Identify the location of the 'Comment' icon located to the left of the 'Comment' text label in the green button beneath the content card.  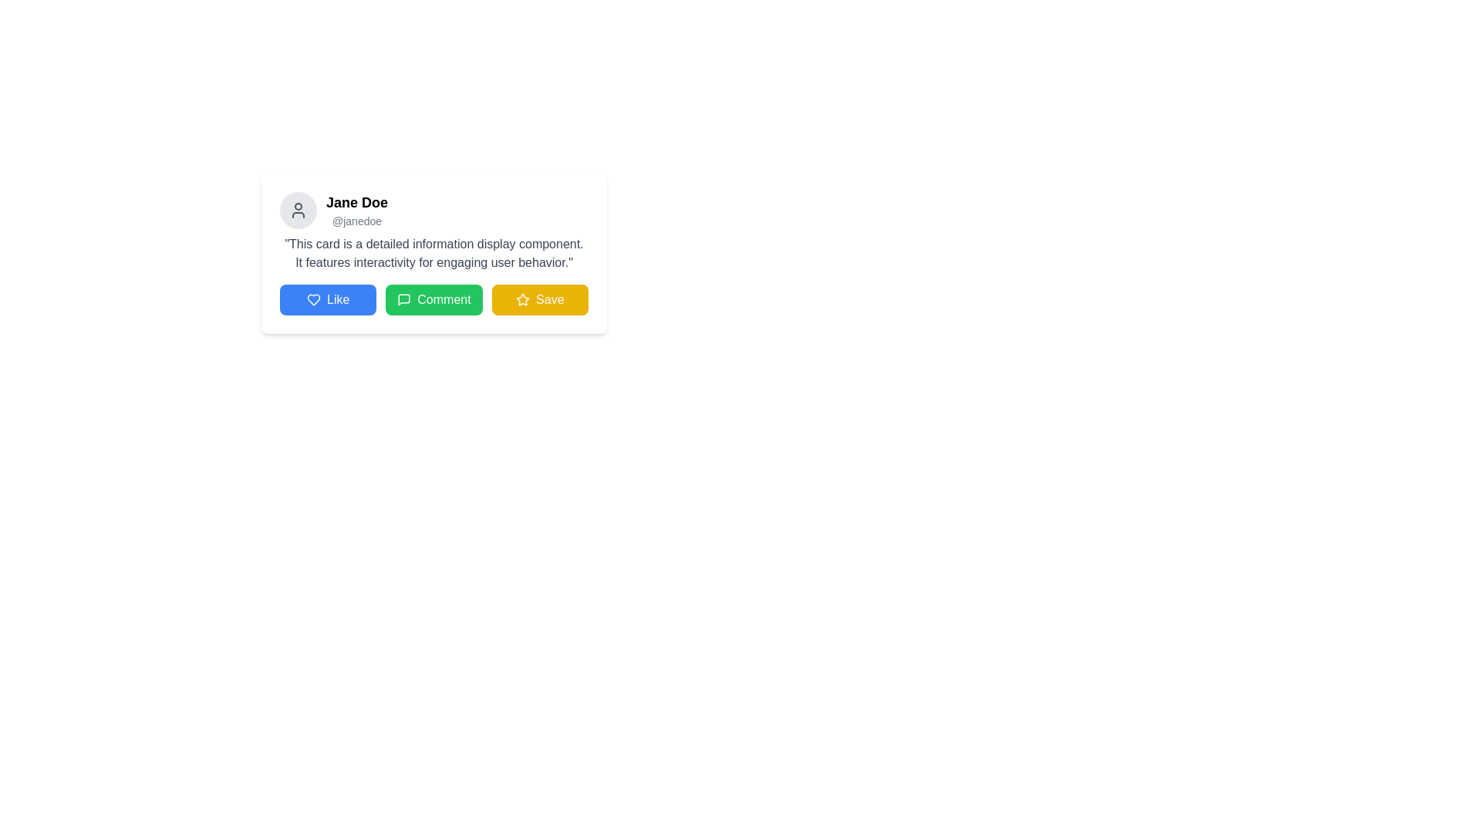
(404, 300).